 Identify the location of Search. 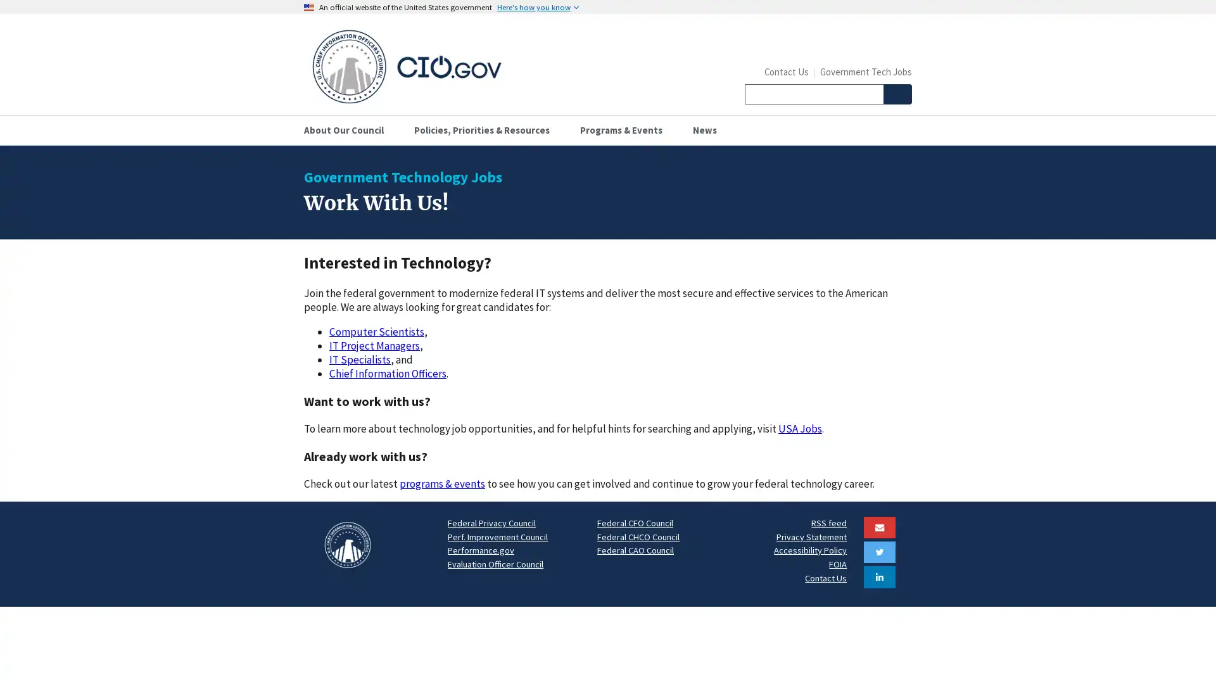
(896, 94).